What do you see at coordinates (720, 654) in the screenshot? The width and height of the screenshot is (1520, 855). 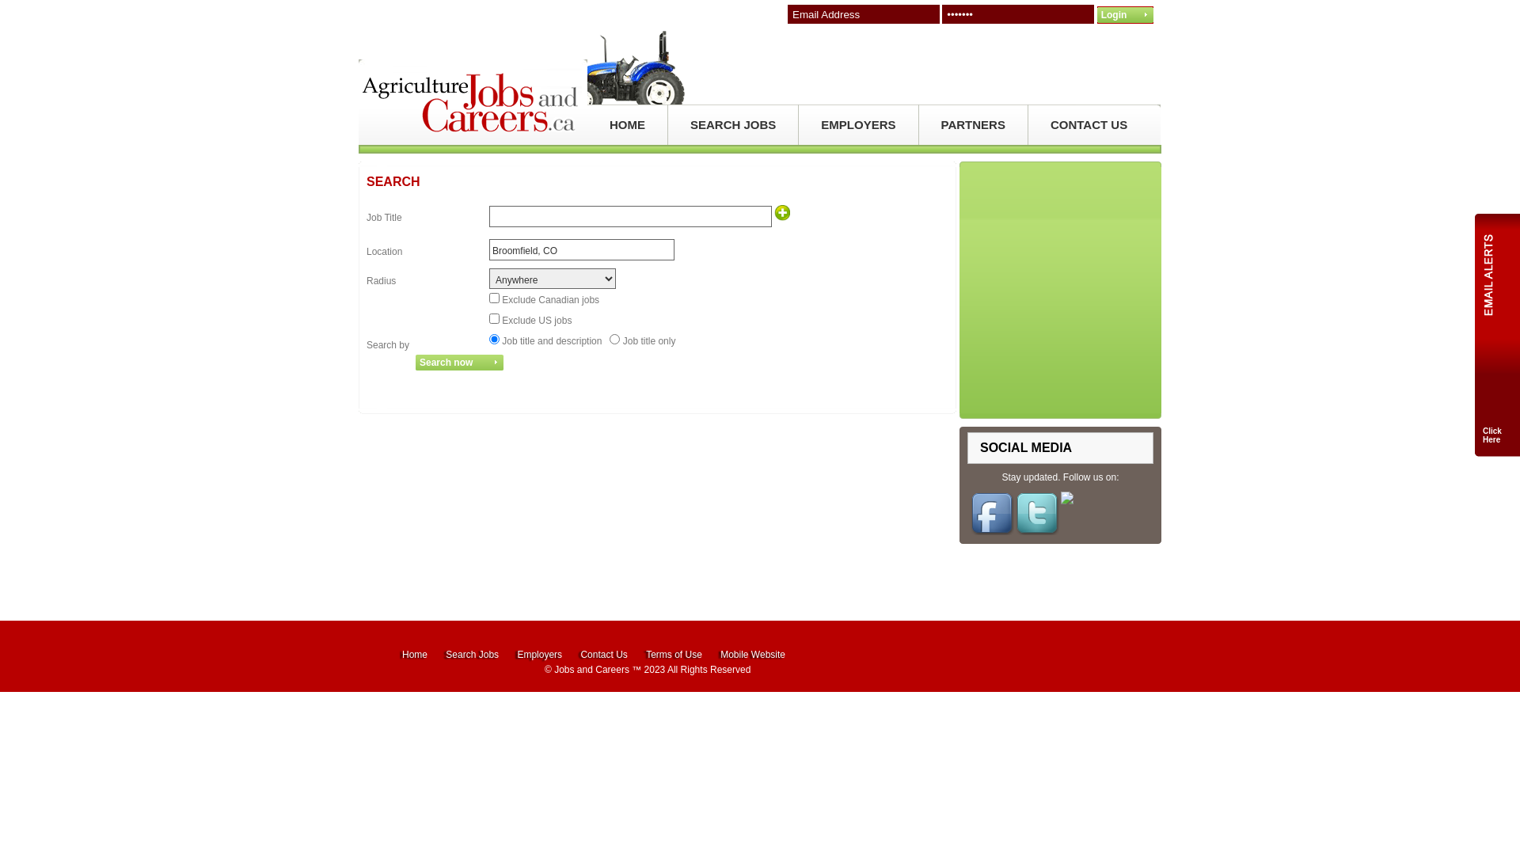 I see `'Mobile Website'` at bounding box center [720, 654].